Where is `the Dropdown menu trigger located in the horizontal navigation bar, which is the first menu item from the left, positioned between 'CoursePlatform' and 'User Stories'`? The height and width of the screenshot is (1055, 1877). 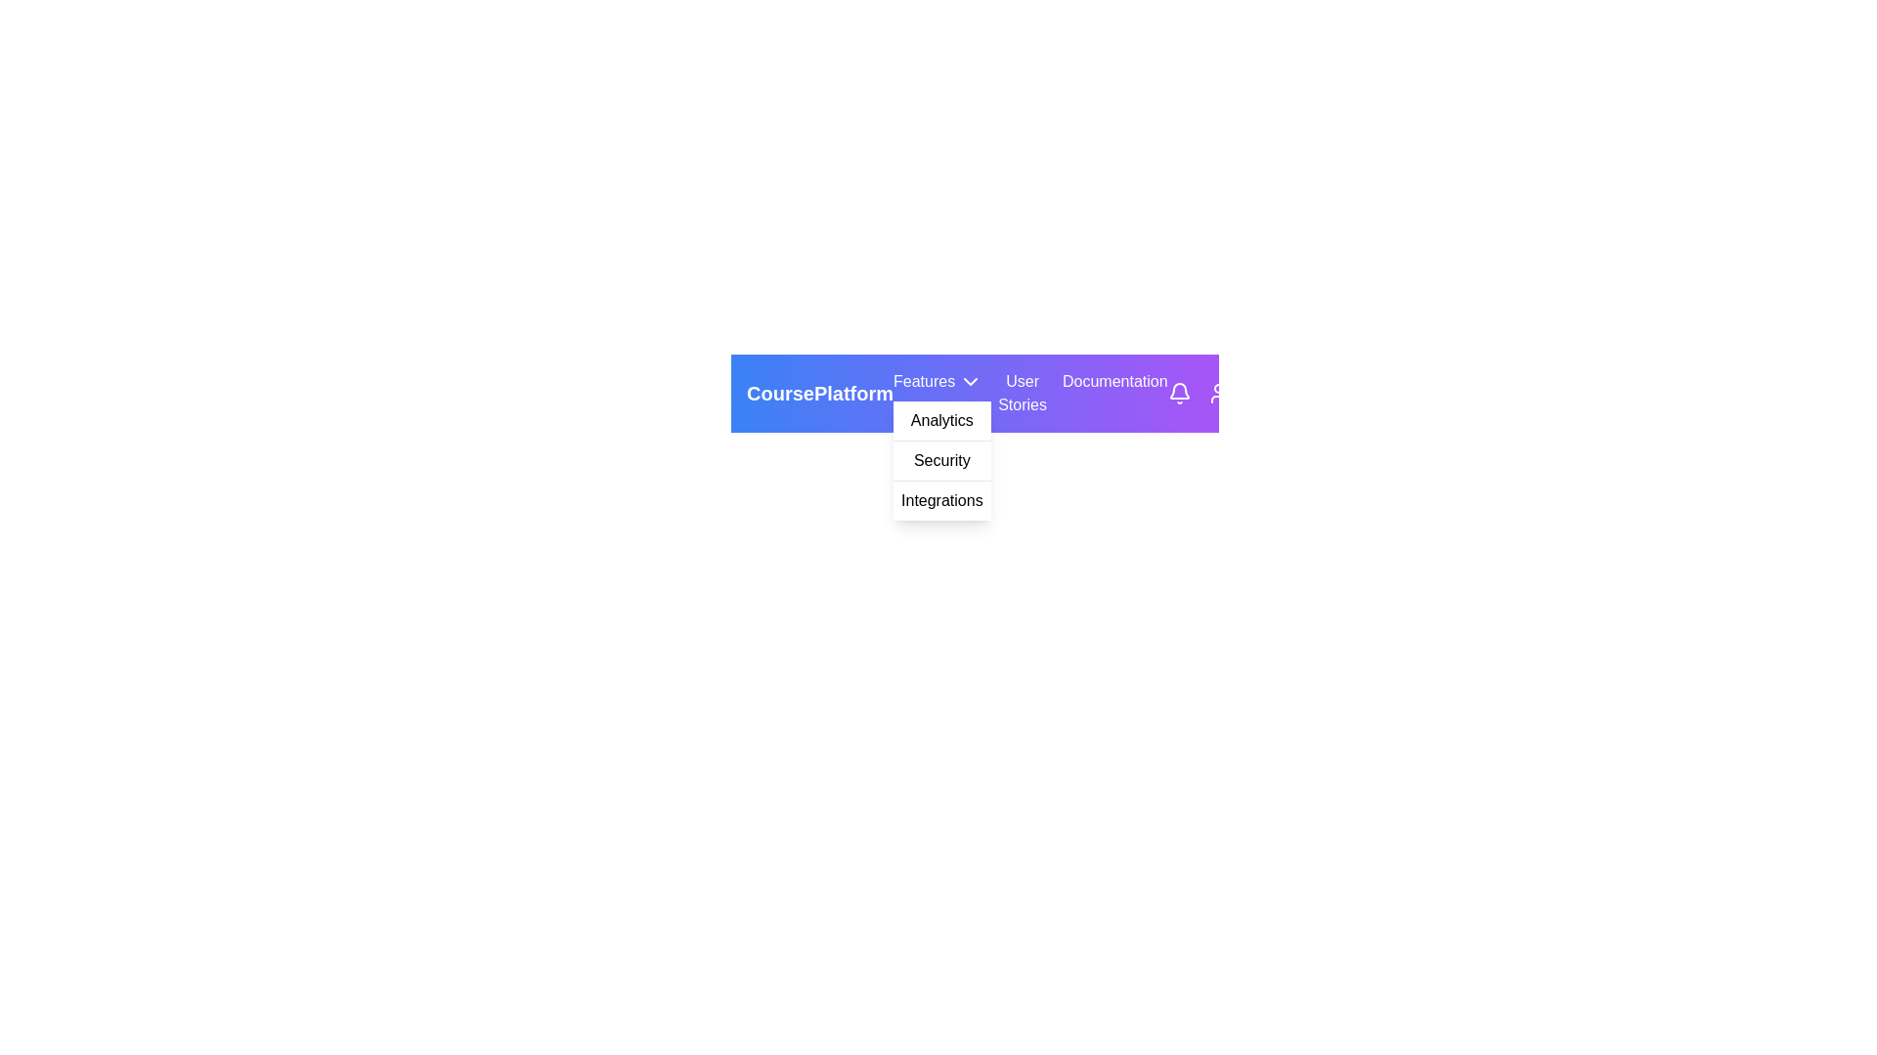
the Dropdown menu trigger located in the horizontal navigation bar, which is the first menu item from the left, positioned between 'CoursePlatform' and 'User Stories' is located at coordinates (937, 393).